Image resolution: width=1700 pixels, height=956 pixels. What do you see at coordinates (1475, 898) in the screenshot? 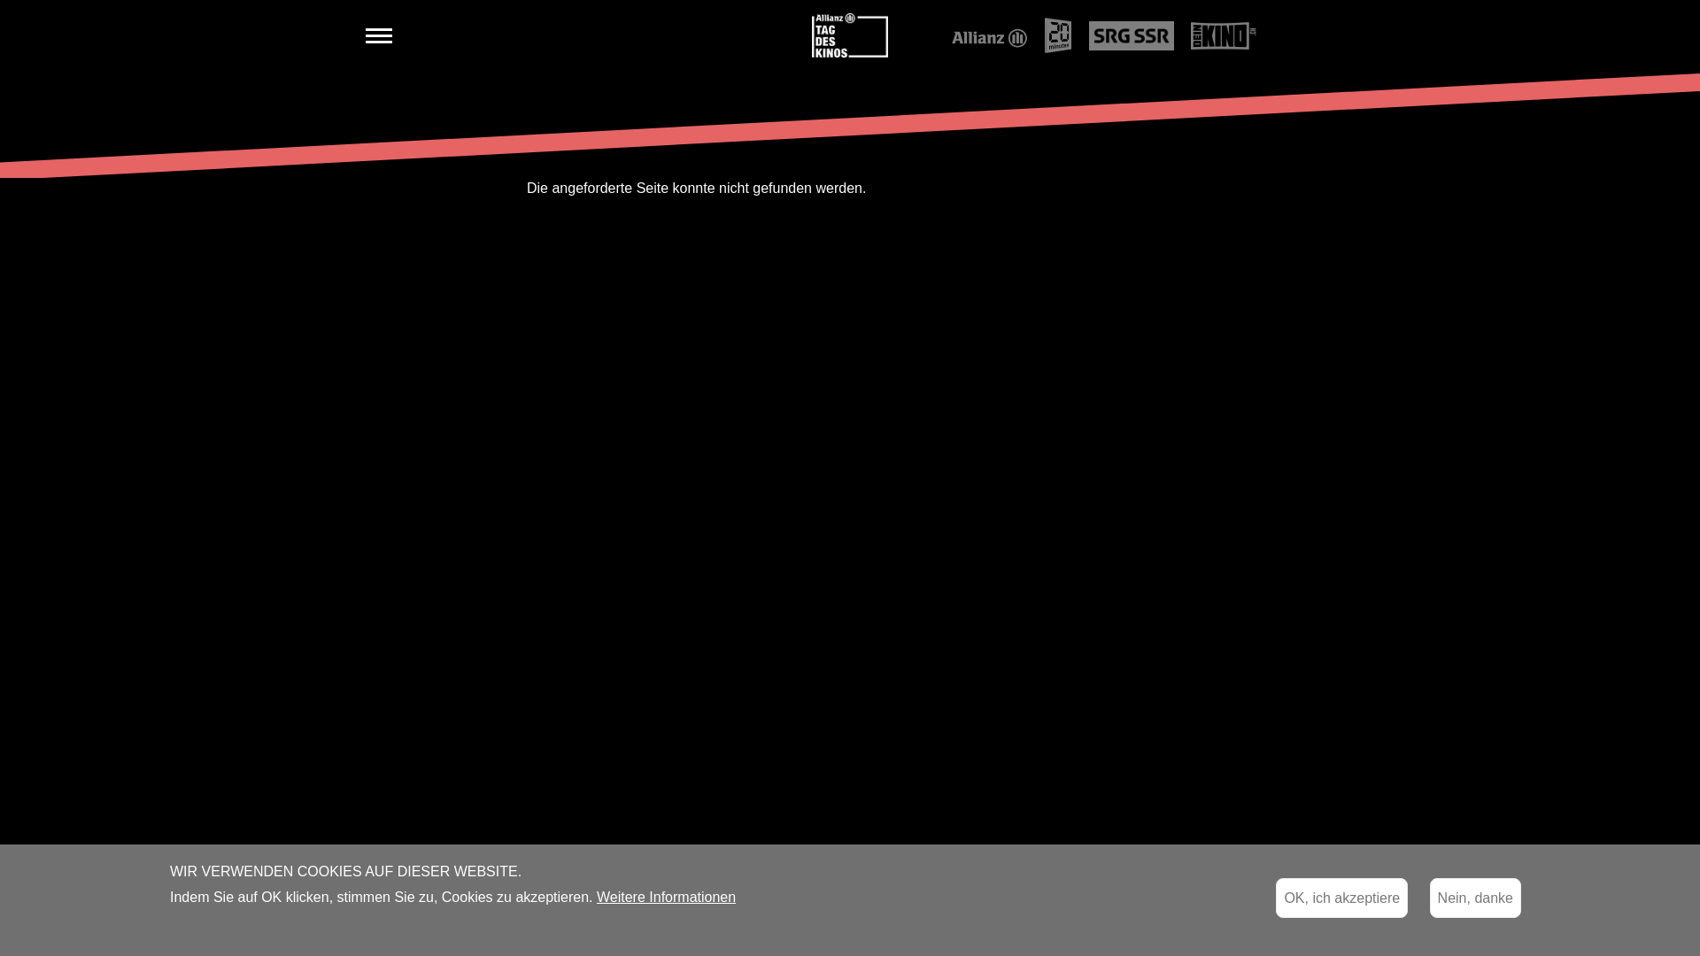
I see `'Nein, danke'` at bounding box center [1475, 898].